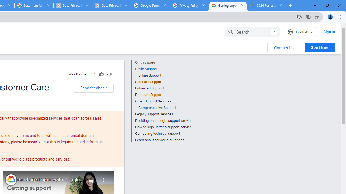 This screenshot has width=346, height=194. I want to click on 'Not helpful', so click(109, 74).